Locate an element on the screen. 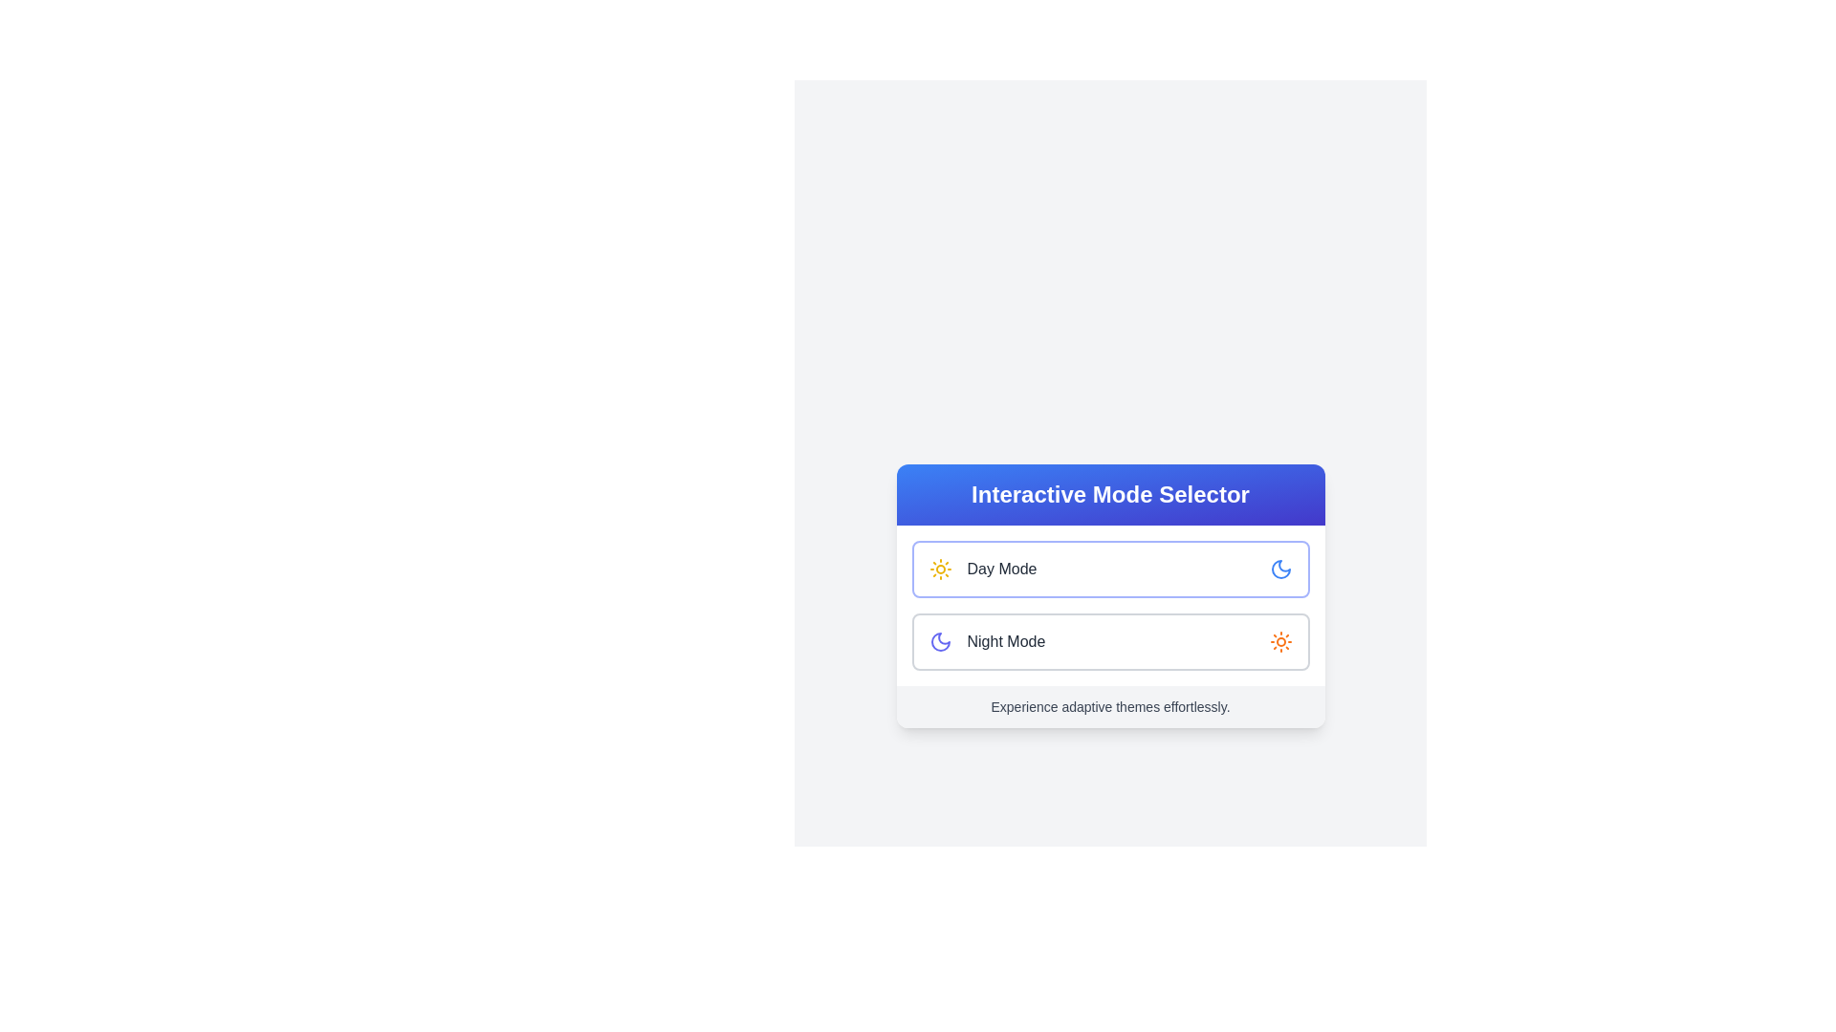  the 'Interactive Mode Selector' heading is located at coordinates (1110, 493).